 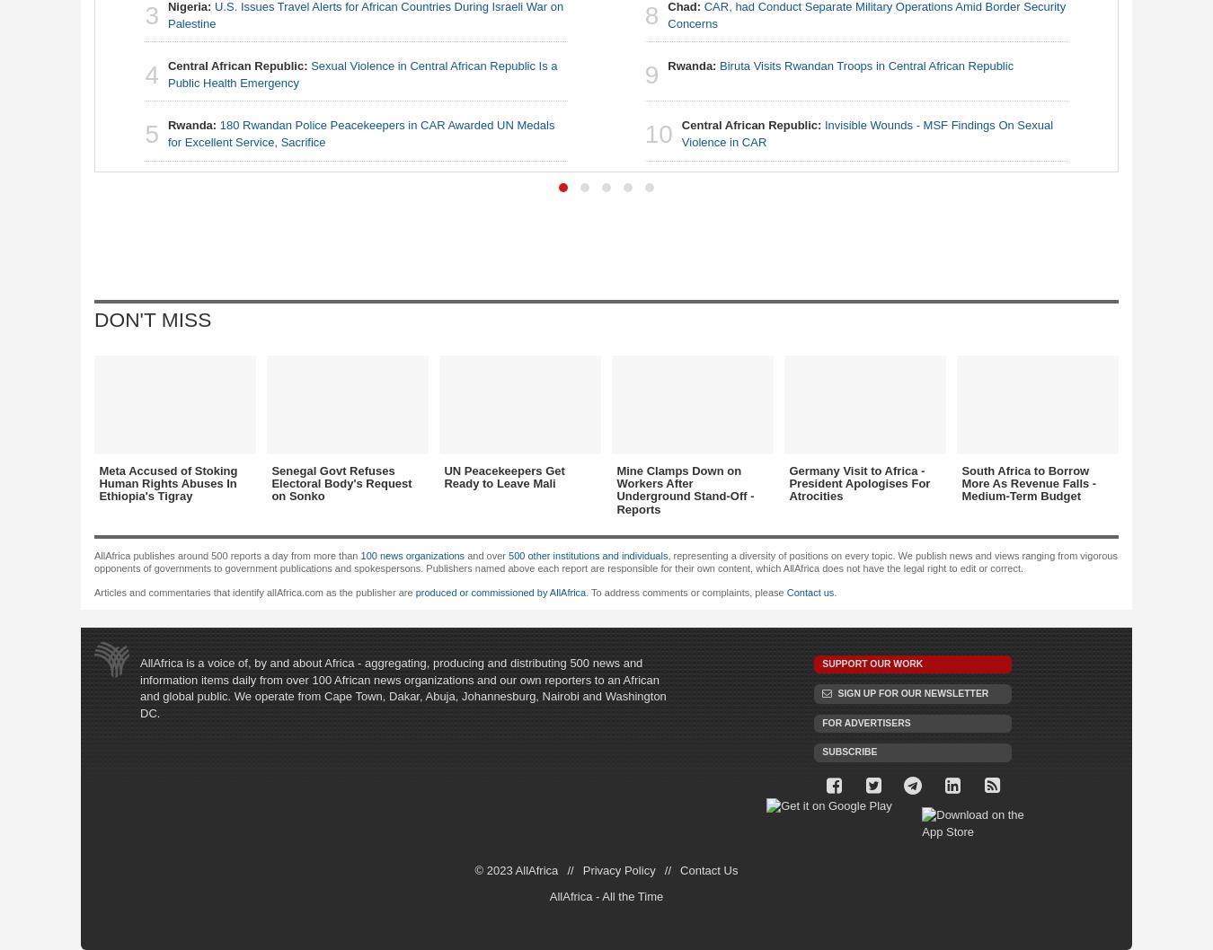 I want to click on 'Somalia:', so click(x=828, y=298).